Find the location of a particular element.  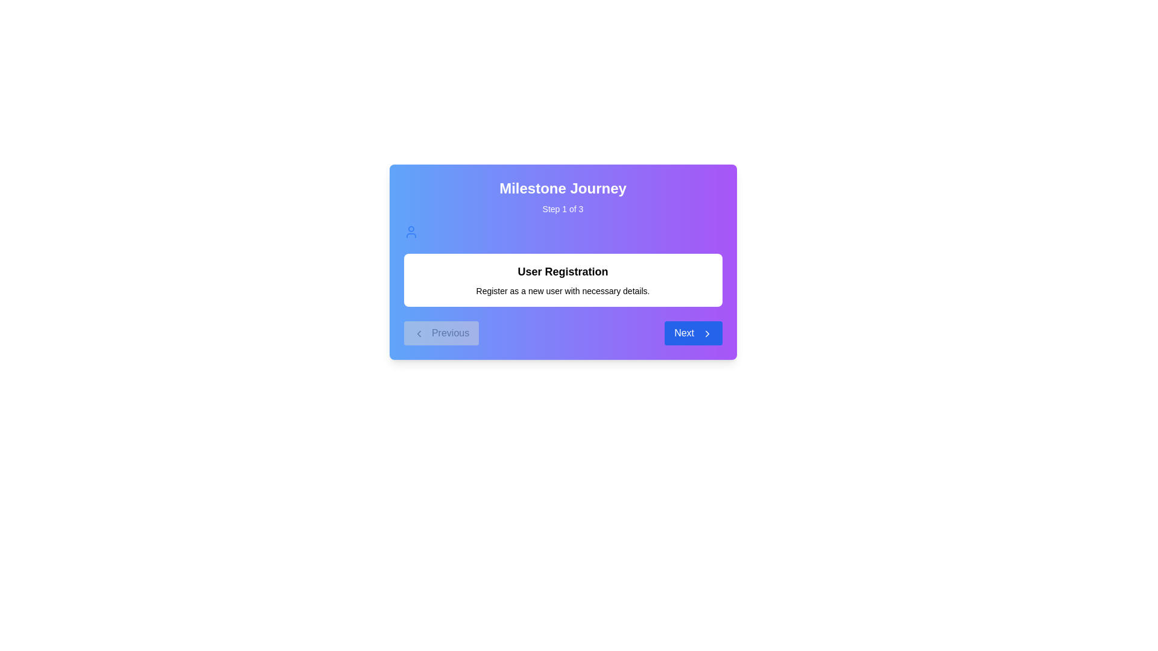

the static text label displaying 'Step 1 of 3', which is centered below the 'Milestone Journey' headline, within a vibrant gradient background is located at coordinates (562, 209).